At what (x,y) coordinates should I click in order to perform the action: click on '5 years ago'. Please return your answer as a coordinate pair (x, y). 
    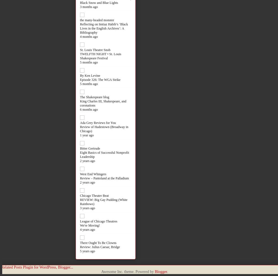
    Looking at the image, I should click on (87, 251).